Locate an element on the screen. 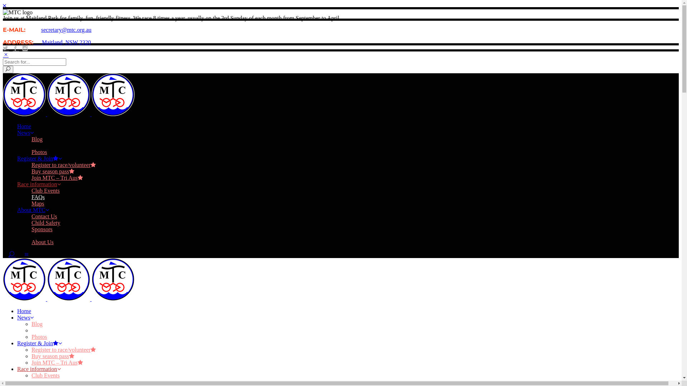 This screenshot has height=386, width=687. 'Contact Us' is located at coordinates (44, 216).